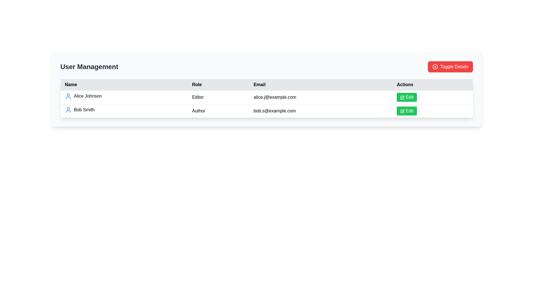  I want to click on the user profile icon located in the user management table, specifically in the second row, left of the name 'Bob Smith', so click(68, 110).